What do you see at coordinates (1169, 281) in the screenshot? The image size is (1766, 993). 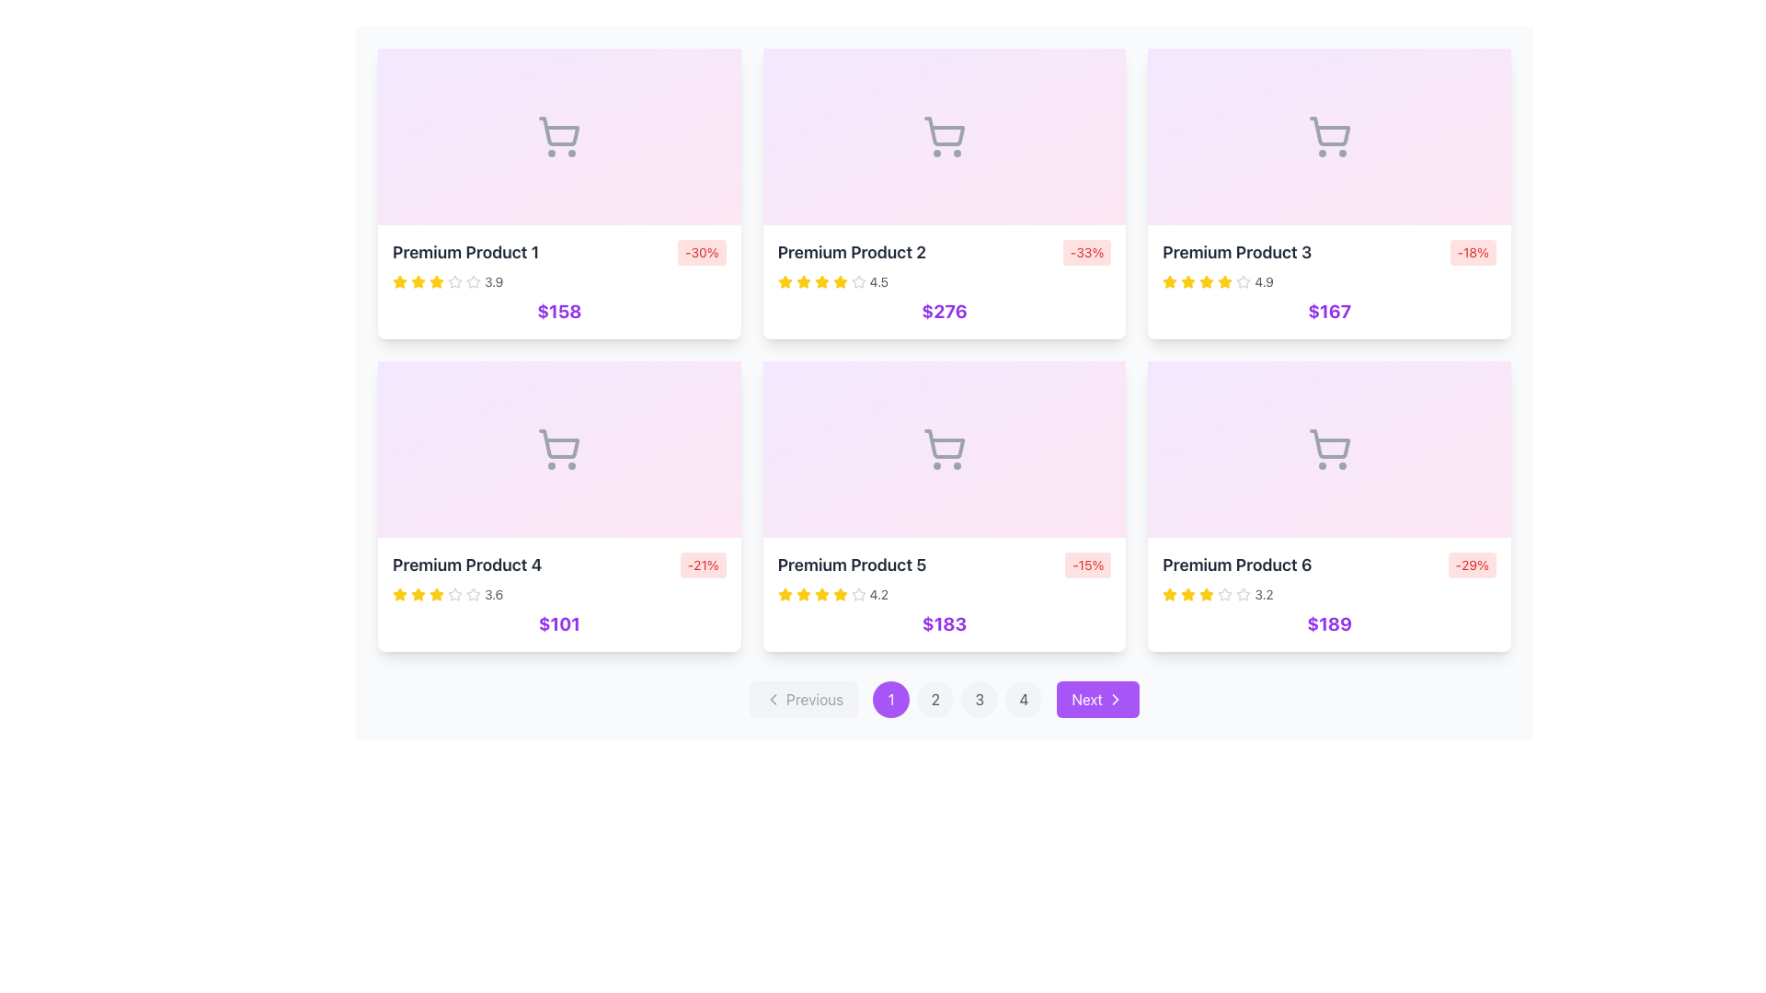 I see `the fifth star icon in the rating system for the product labeled 'Premium Product 3' to rate it` at bounding box center [1169, 281].